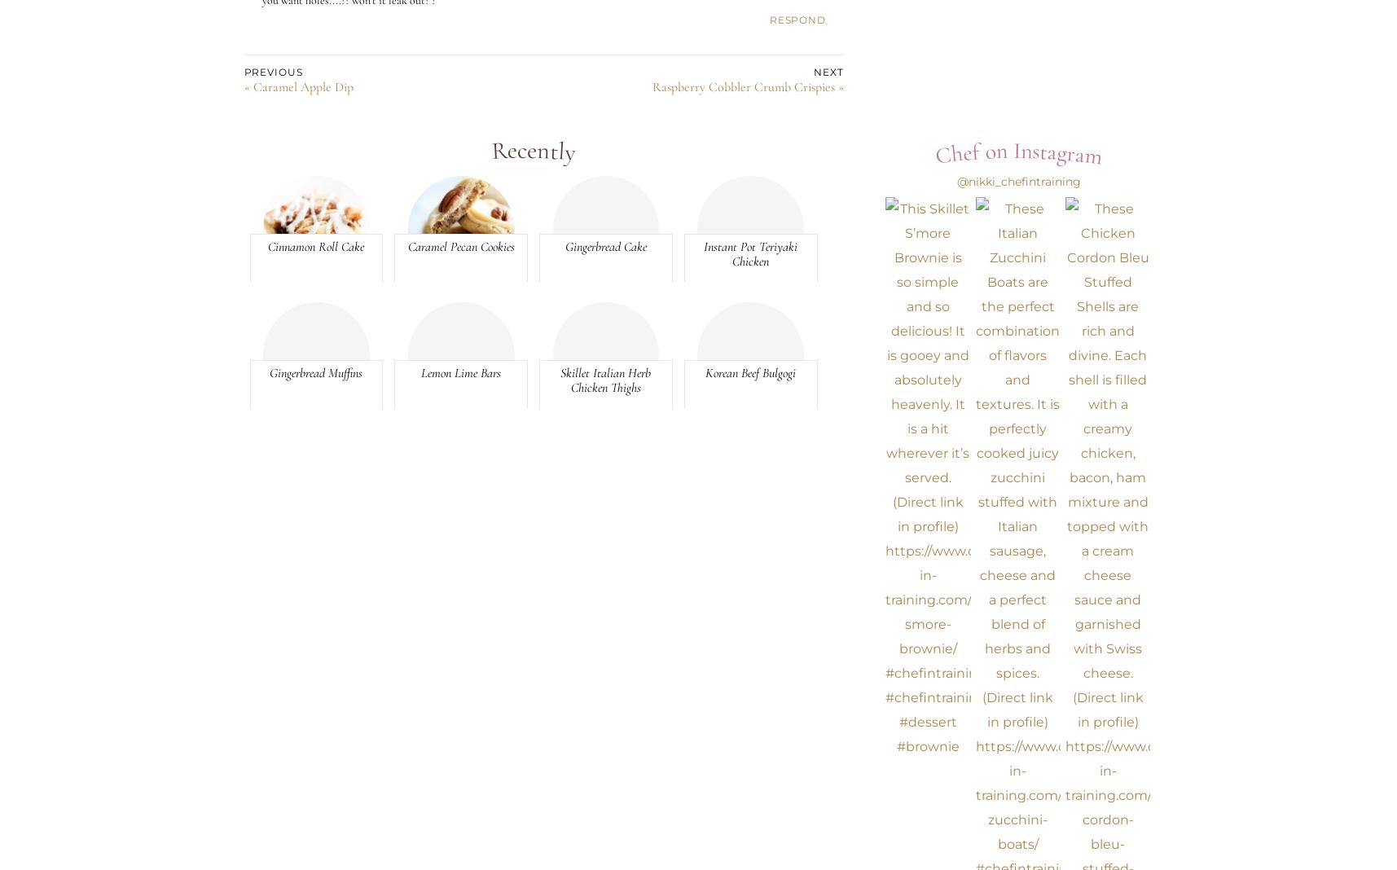 The image size is (1397, 870). What do you see at coordinates (750, 371) in the screenshot?
I see `'Korean Beef Bulgogi'` at bounding box center [750, 371].